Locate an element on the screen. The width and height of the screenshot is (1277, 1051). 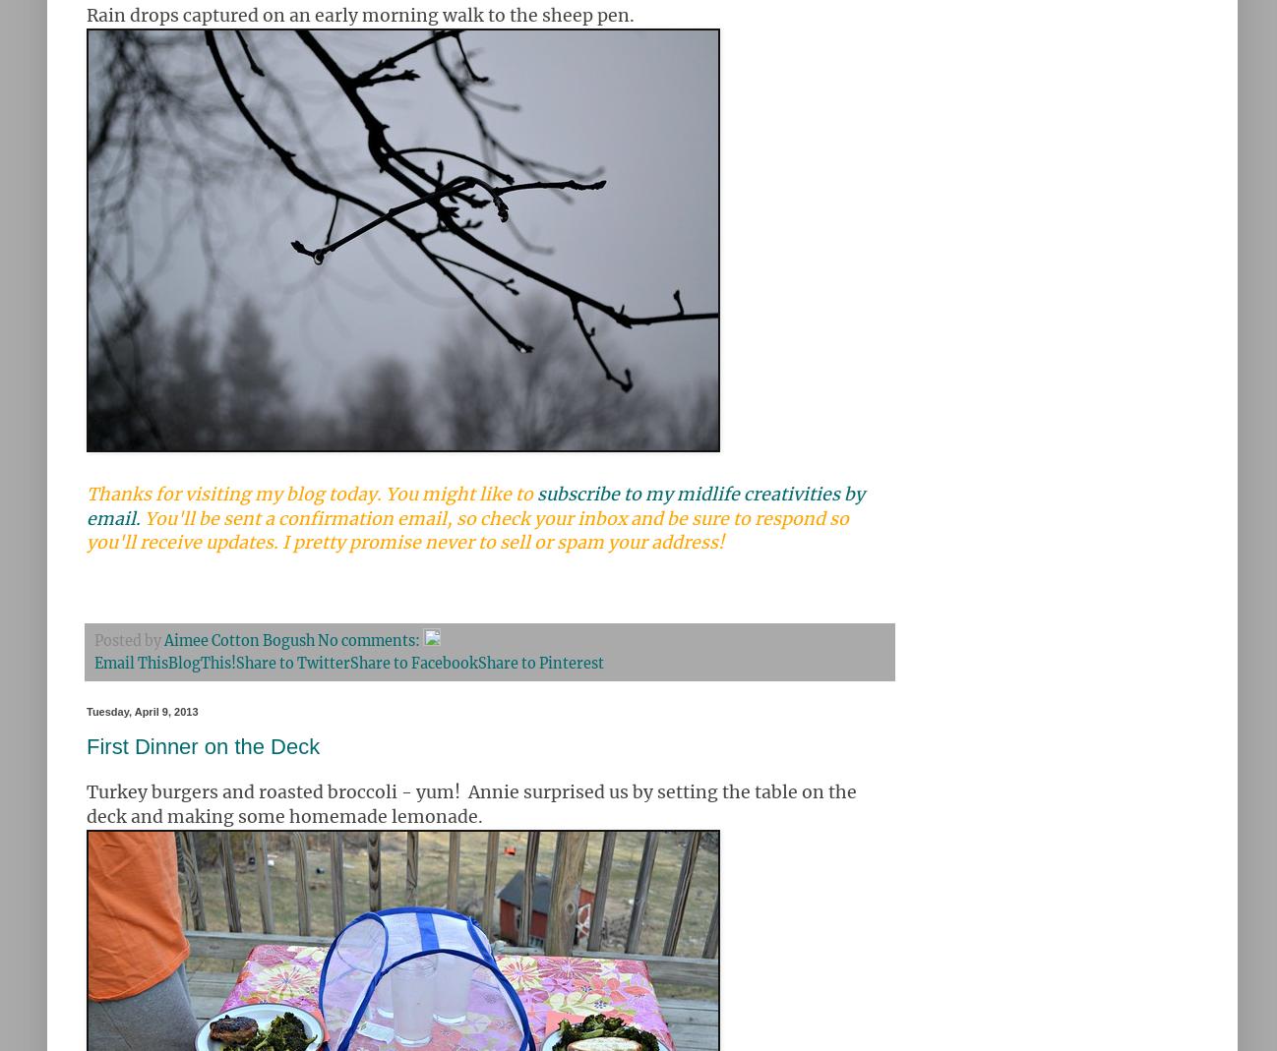
'Share to Twitter' is located at coordinates (292, 662).